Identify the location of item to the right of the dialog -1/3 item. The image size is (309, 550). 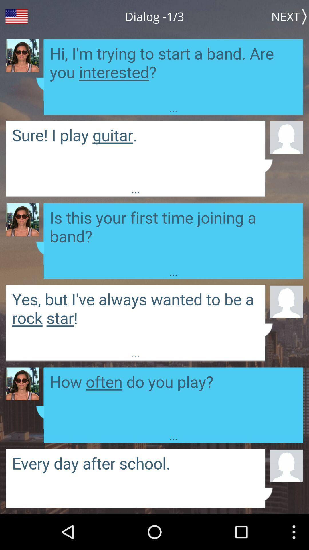
(290, 16).